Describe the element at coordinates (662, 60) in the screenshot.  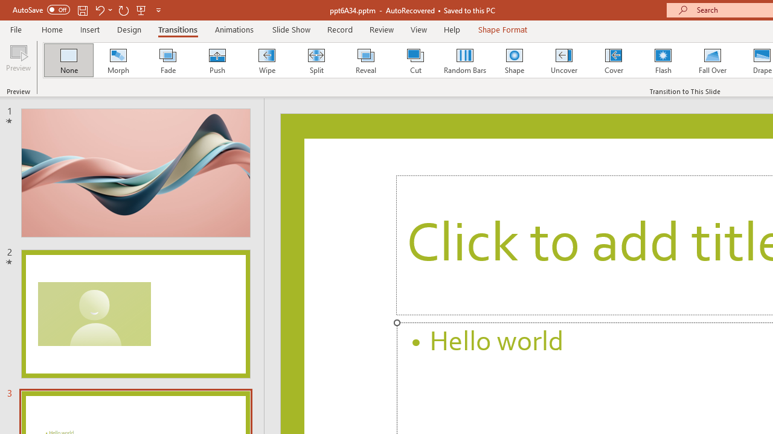
I see `'Flash'` at that location.